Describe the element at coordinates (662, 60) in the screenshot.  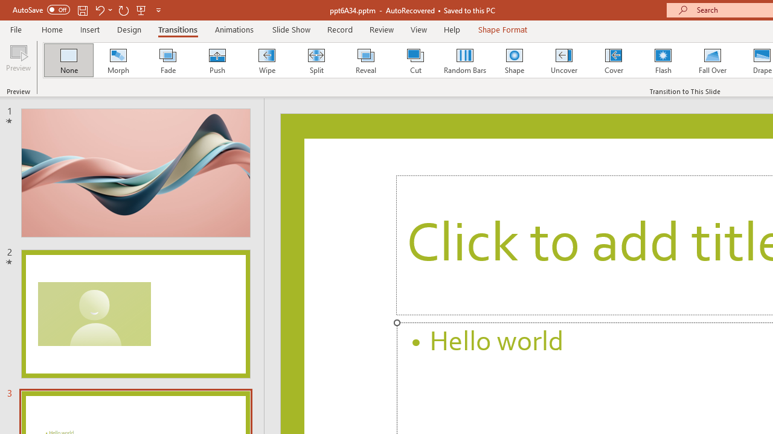
I see `'Flash'` at that location.